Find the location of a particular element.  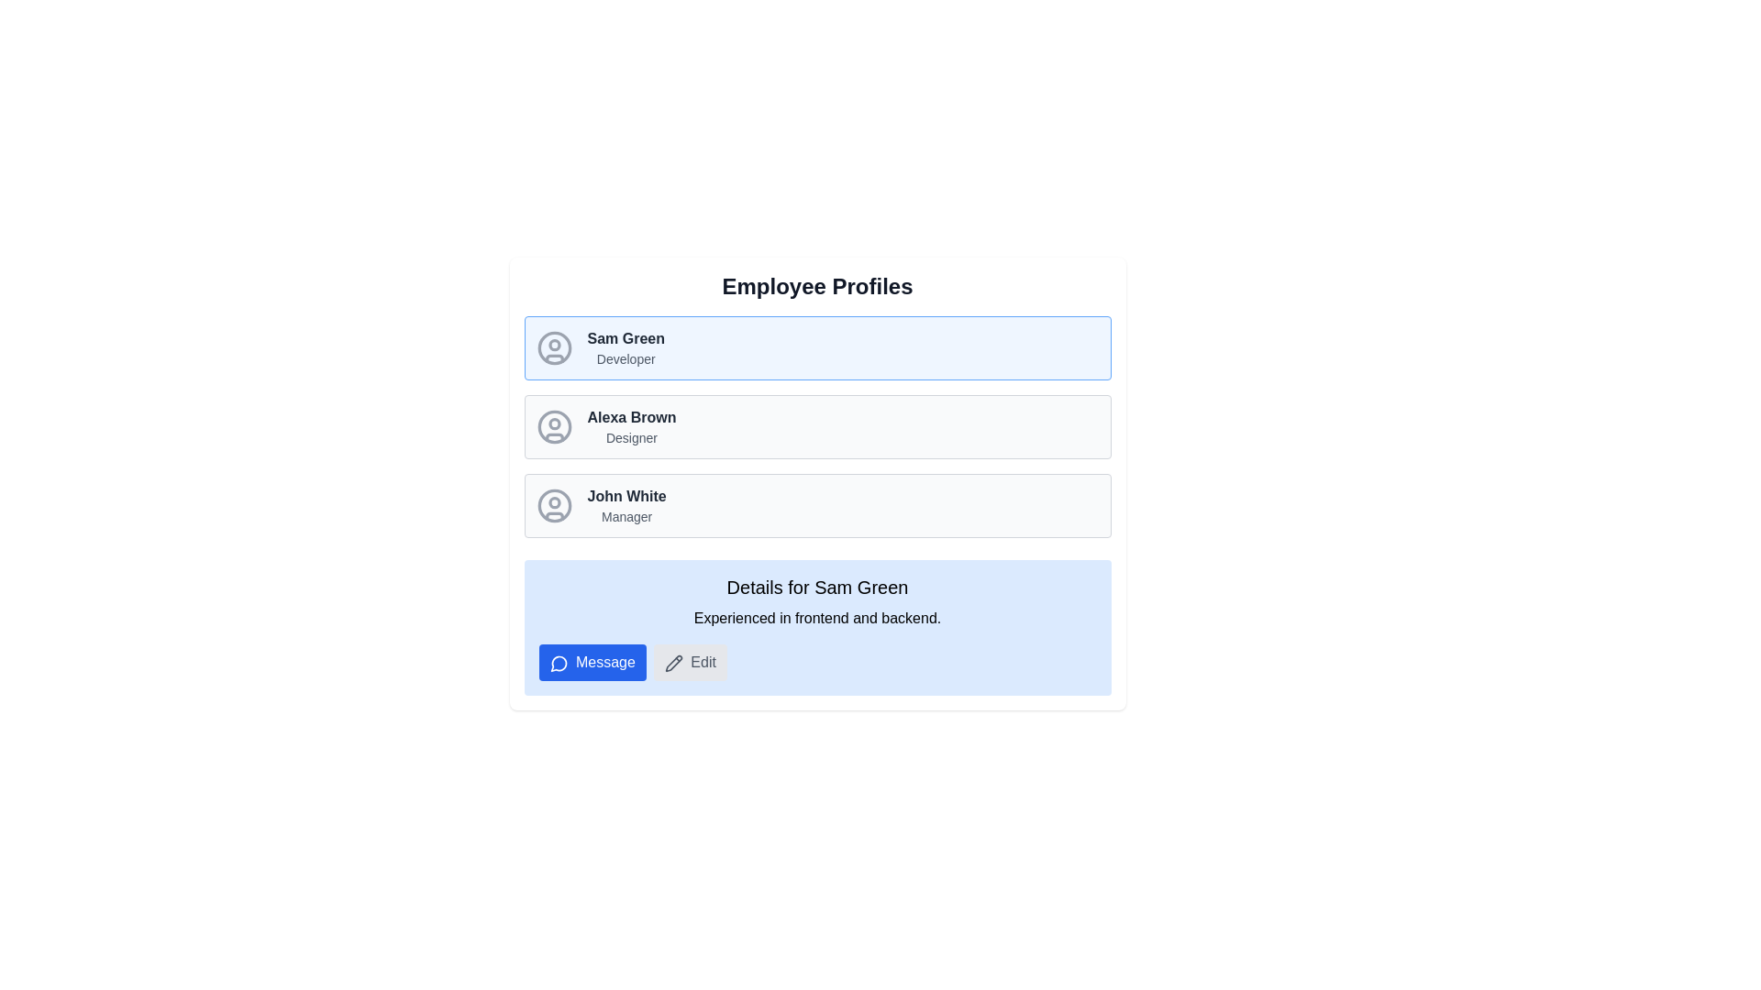

descriptive text displayed as 'Experienced in frontend and backend.' which is styled in plain format and positioned below the title text 'Details for Sam Green' is located at coordinates (816, 619).